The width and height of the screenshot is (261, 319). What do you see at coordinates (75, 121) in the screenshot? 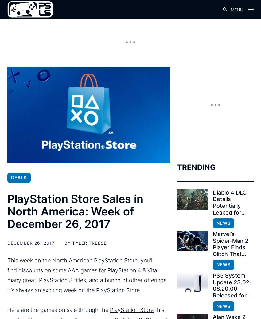
I see `'Crypt of the NecroDancer – $2.99'` at bounding box center [75, 121].